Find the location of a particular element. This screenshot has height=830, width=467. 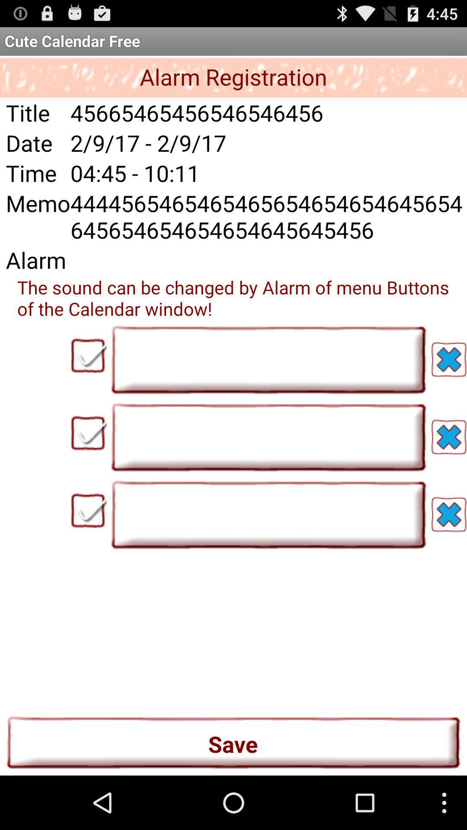

the button left to first text feed is located at coordinates (88, 355).